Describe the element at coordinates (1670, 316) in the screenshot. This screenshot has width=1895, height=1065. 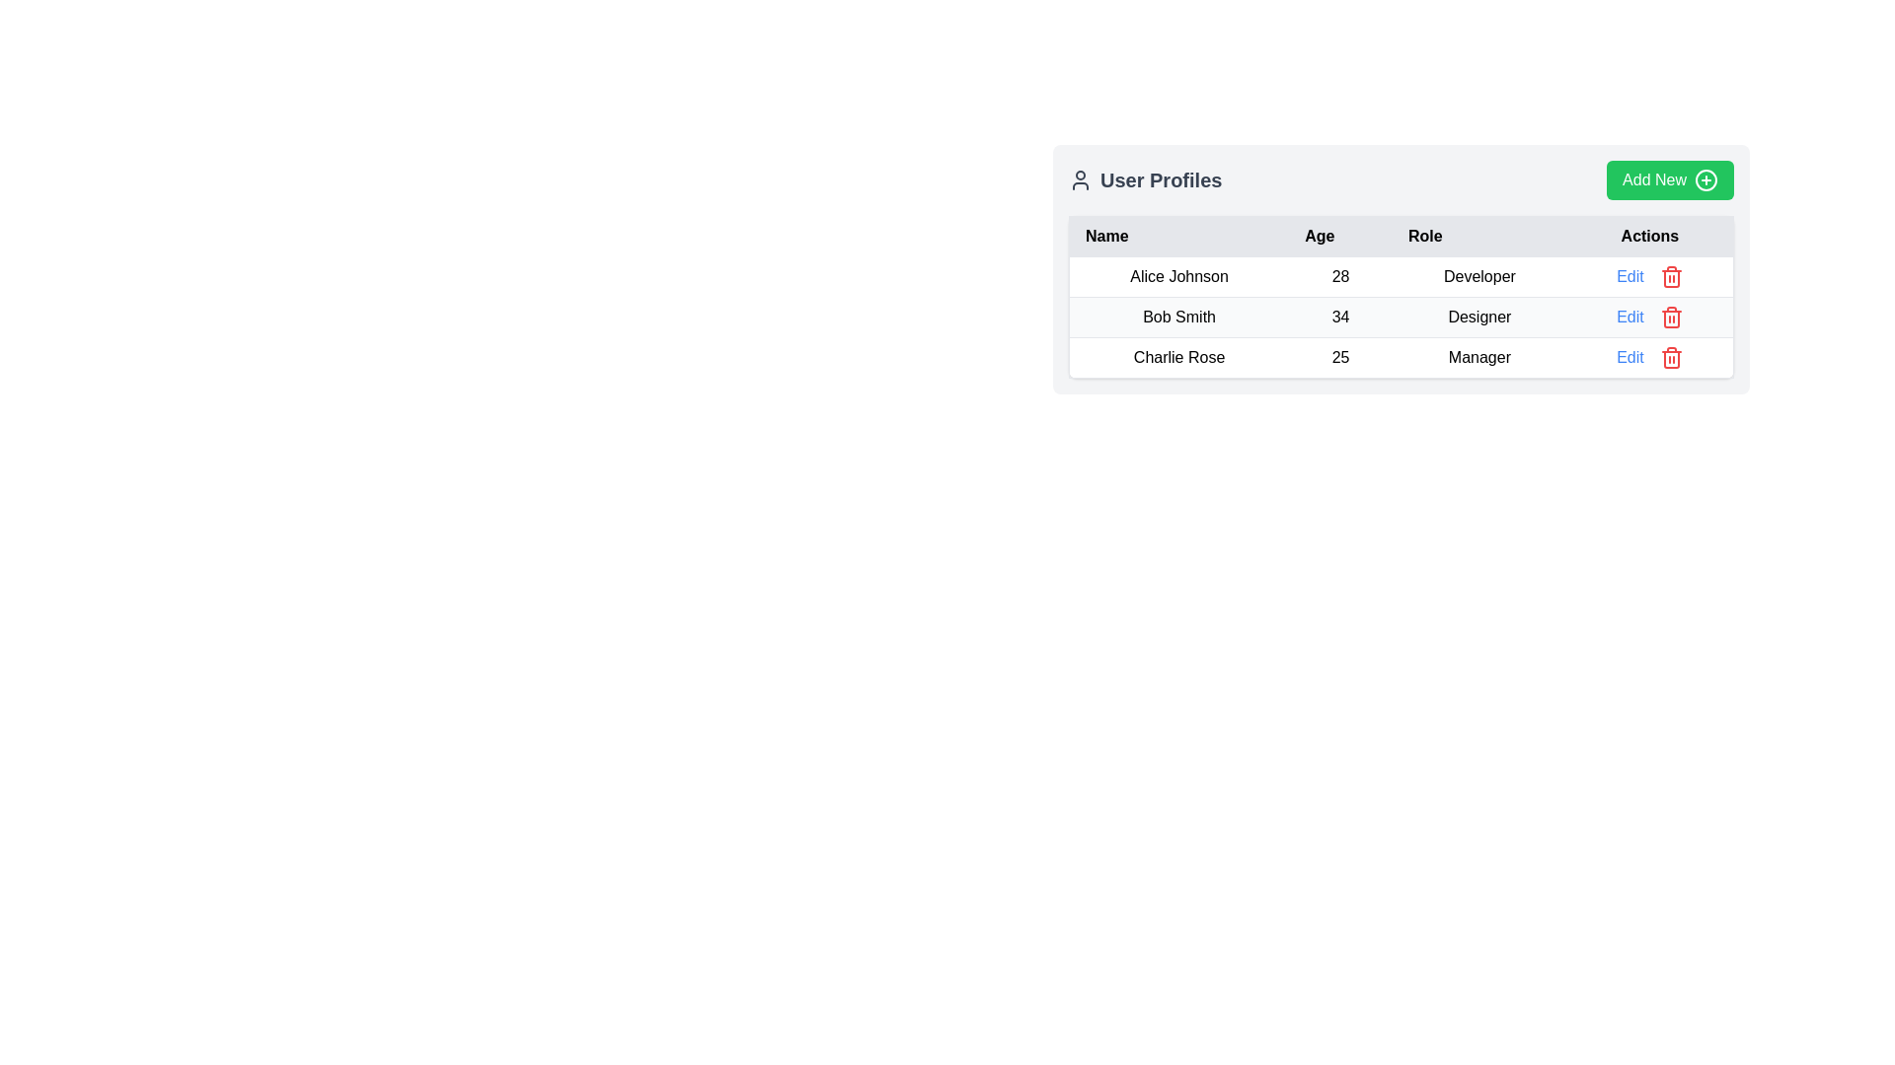
I see `the red-colored trash bin icon button located in the 'Actions' column of the second row` at that location.